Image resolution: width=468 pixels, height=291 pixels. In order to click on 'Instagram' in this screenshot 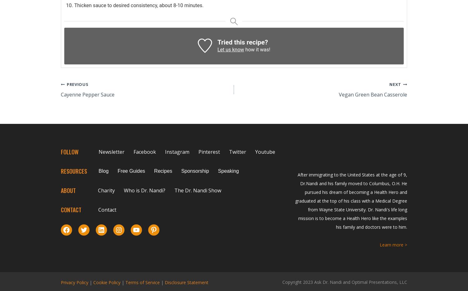, I will do `click(177, 152)`.